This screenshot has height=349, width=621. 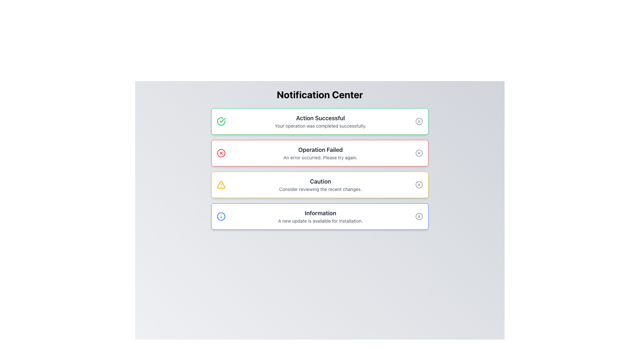 I want to click on the dismiss button located at the upper-right corner of the 'Action Successful' notification box, so click(x=419, y=121).